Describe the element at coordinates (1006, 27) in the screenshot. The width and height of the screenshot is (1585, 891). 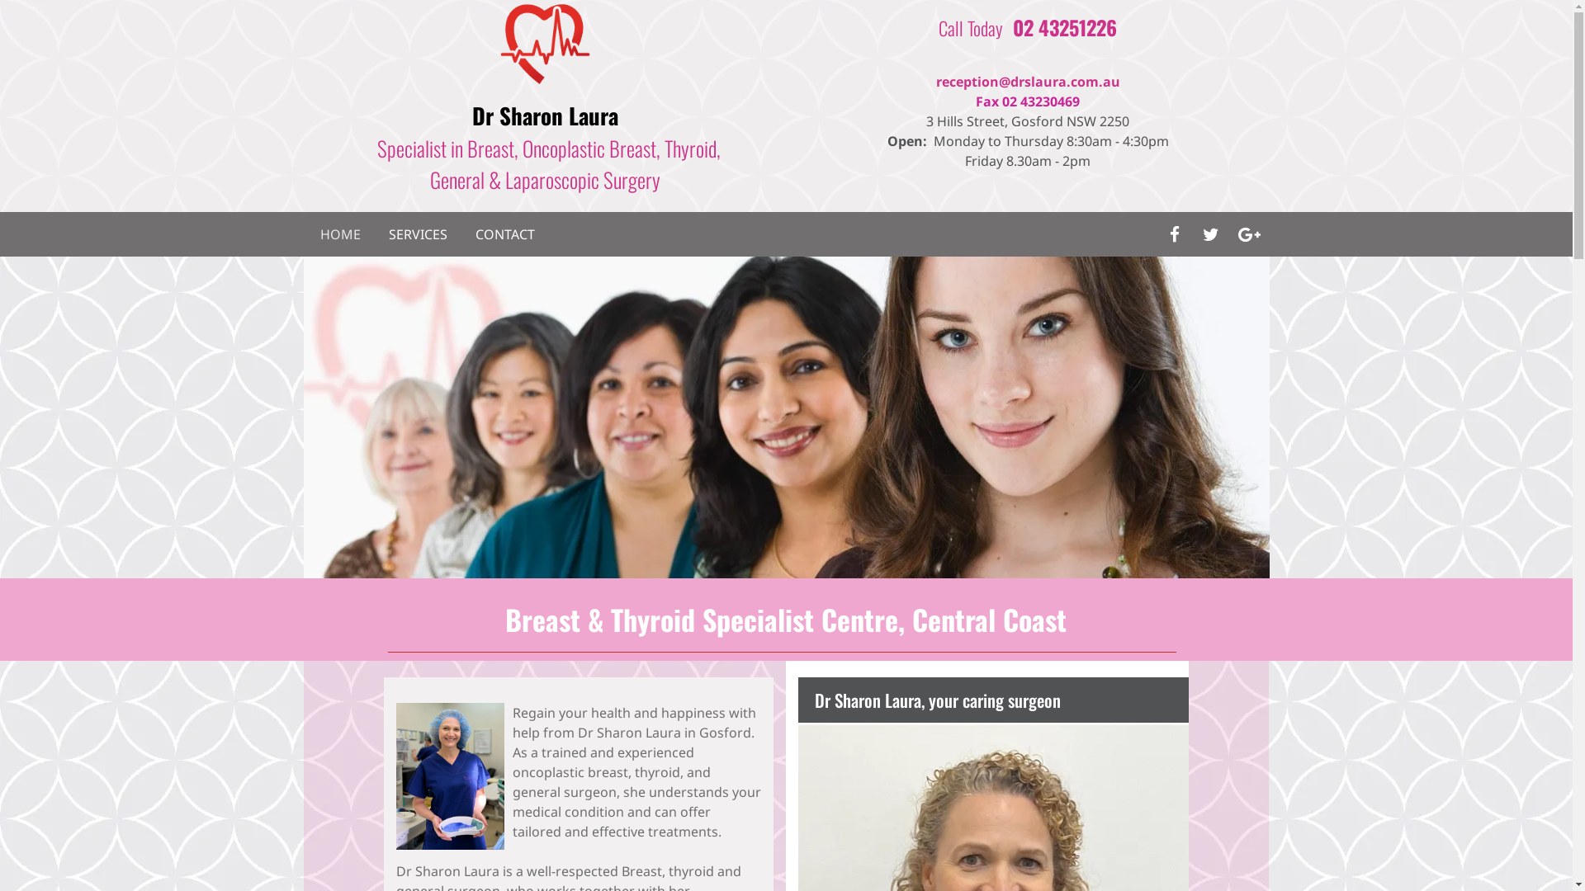
I see `' 02 '` at that location.